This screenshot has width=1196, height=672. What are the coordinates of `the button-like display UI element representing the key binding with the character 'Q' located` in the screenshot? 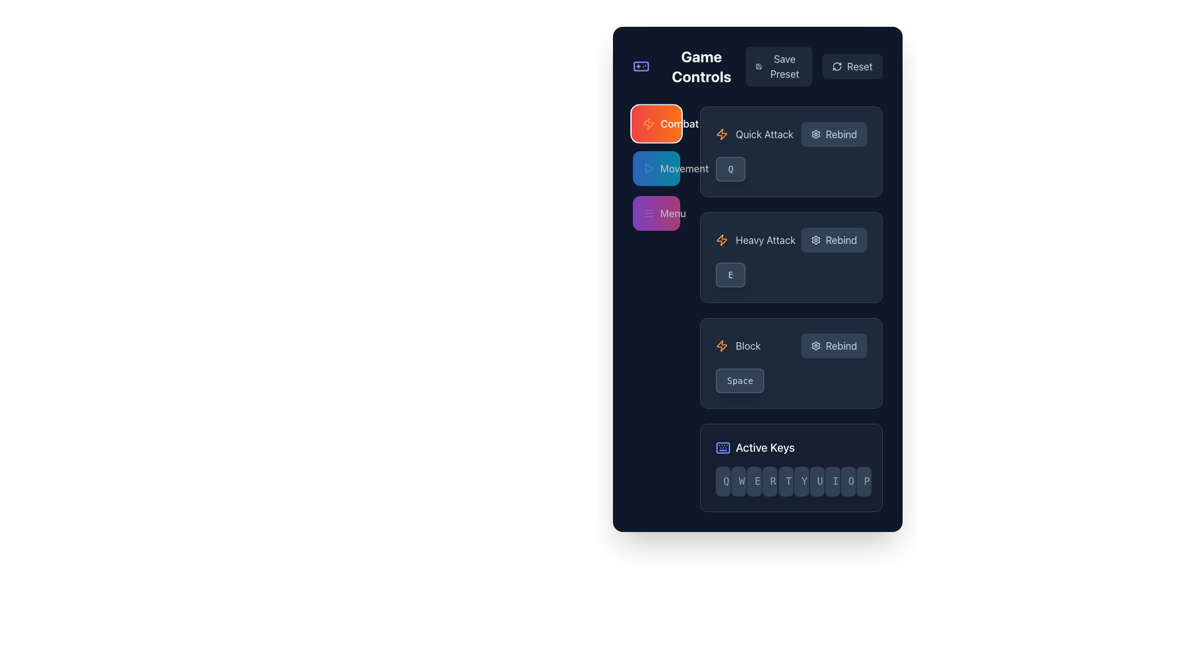 It's located at (790, 169).